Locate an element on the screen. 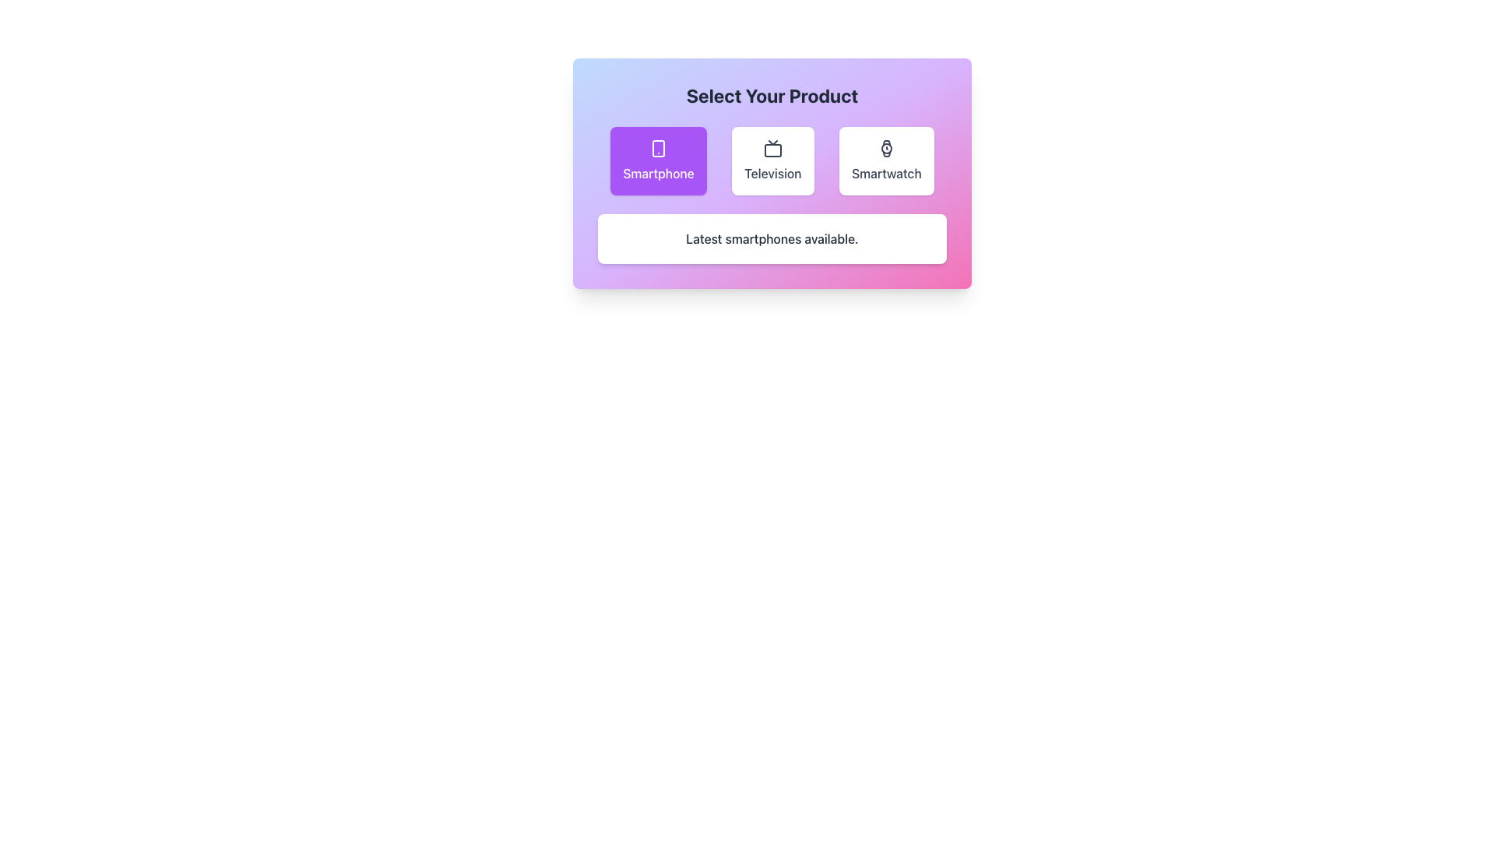 The width and height of the screenshot is (1495, 841). the smartwatch icon located in the third card of the product selection panel labeled 'Select Your Product' is located at coordinates (886, 149).